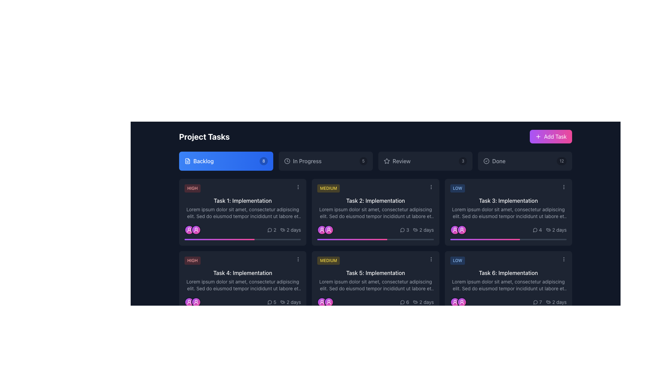 This screenshot has width=655, height=368. I want to click on the tag icon located within the '2 days' group, which is aligned horizontally with other icons and is part of the task card labeled 'Task 3: Implementation' in the 'Done' section, so click(548, 230).